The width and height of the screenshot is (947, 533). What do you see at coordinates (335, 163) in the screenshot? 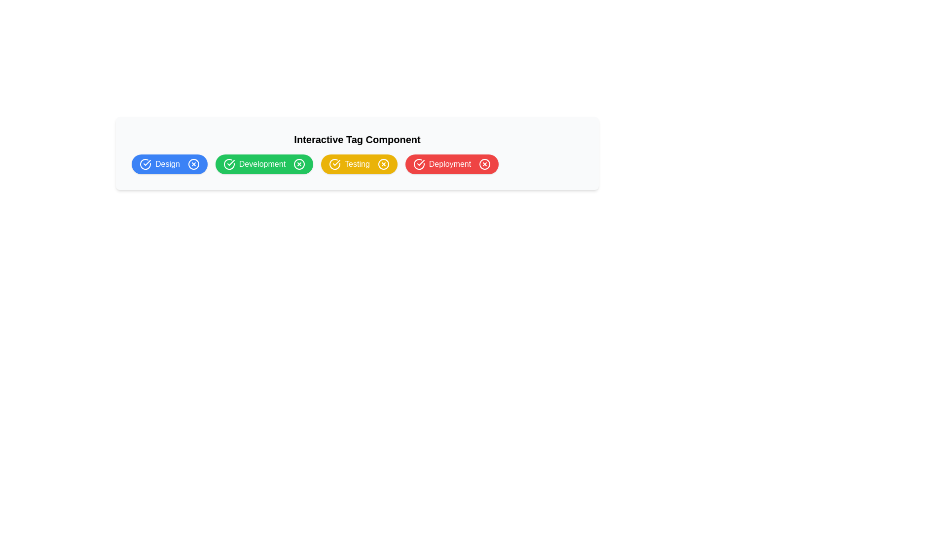
I see `the leftmost icon within the yellow 'Testing' tag` at bounding box center [335, 163].